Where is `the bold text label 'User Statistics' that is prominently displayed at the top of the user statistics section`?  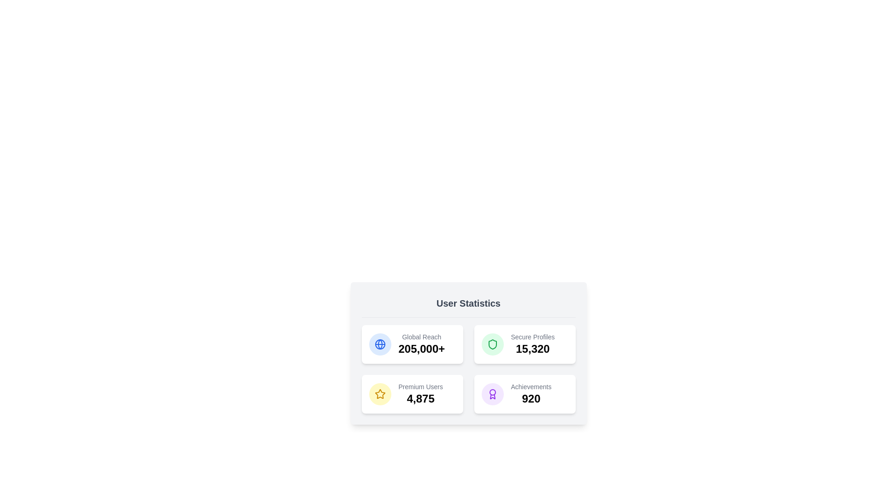 the bold text label 'User Statistics' that is prominently displayed at the top of the user statistics section is located at coordinates (468, 303).